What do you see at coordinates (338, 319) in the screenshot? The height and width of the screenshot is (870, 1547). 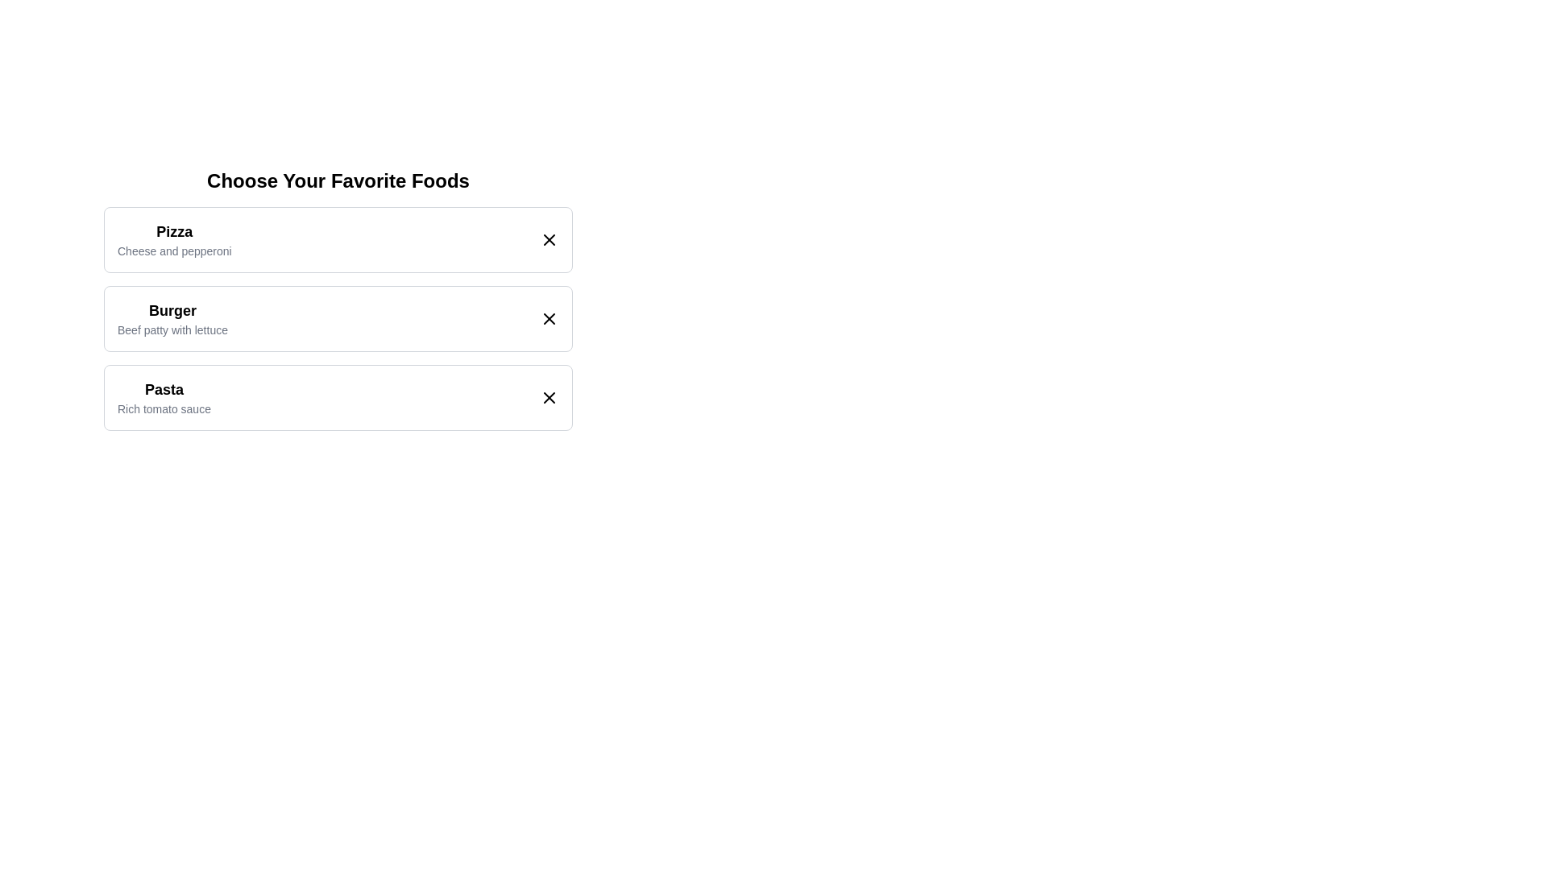 I see `the 'Burger' menu item, which displays 'Beef patty with lettuce', located as the second item in the list under 'Choose Your Favorite Foods'` at bounding box center [338, 319].